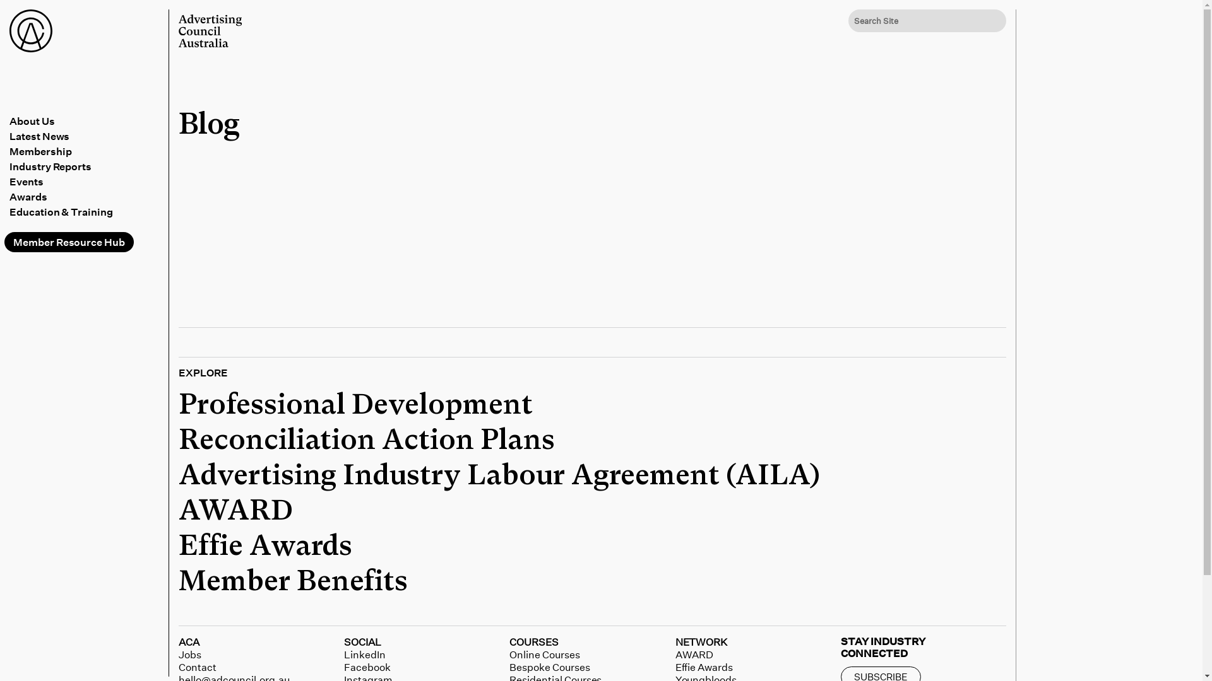 The image size is (1212, 681). What do you see at coordinates (86, 165) in the screenshot?
I see `'Industry Reports'` at bounding box center [86, 165].